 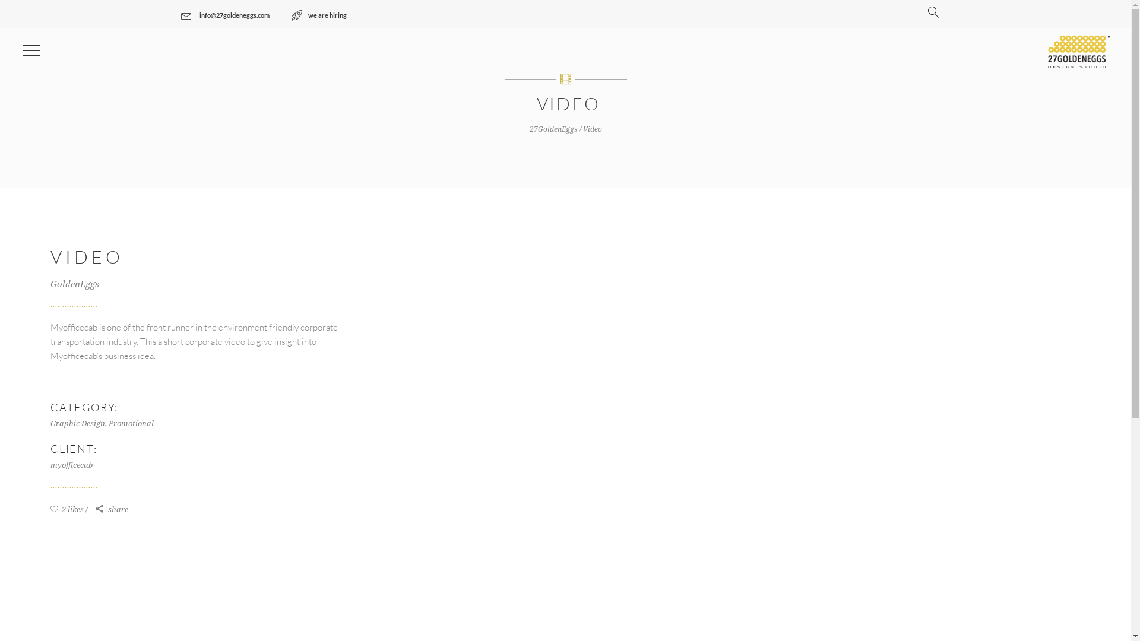 I want to click on 'U', so click(x=837, y=315).